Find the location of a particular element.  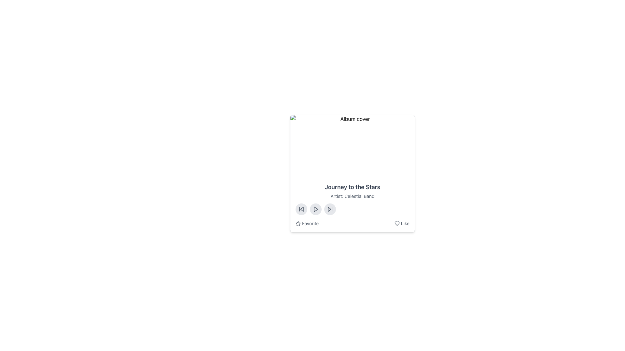

the display image element at the top of the card for the album 'Journey to the Stars' by 'Celestial Band' is located at coordinates (352, 146).